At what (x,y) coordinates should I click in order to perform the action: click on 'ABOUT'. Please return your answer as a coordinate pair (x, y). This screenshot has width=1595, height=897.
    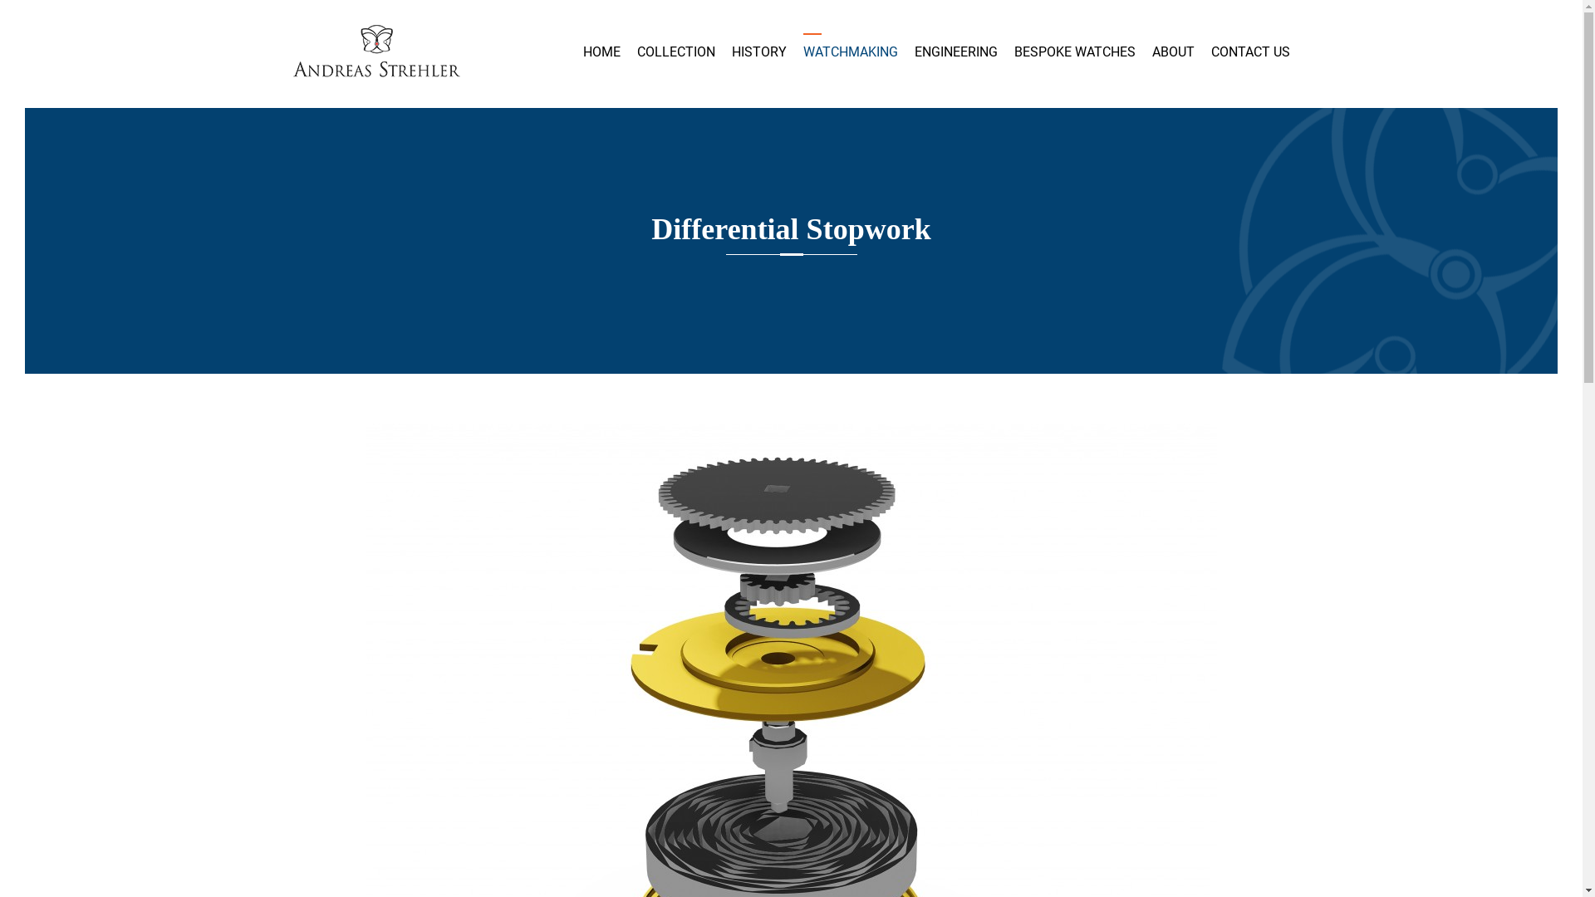
    Looking at the image, I should click on (1171, 51).